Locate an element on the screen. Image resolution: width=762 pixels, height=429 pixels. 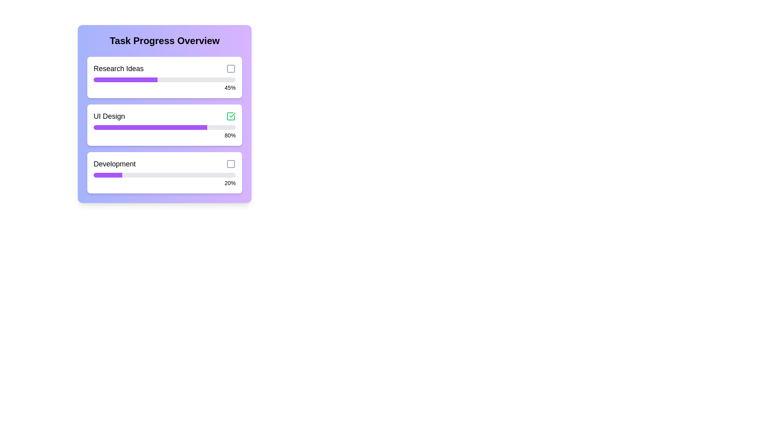
the purple progress indicator within the 'Research Ideas' progress bar in the 'Task Progress Overview' interface is located at coordinates (125, 79).